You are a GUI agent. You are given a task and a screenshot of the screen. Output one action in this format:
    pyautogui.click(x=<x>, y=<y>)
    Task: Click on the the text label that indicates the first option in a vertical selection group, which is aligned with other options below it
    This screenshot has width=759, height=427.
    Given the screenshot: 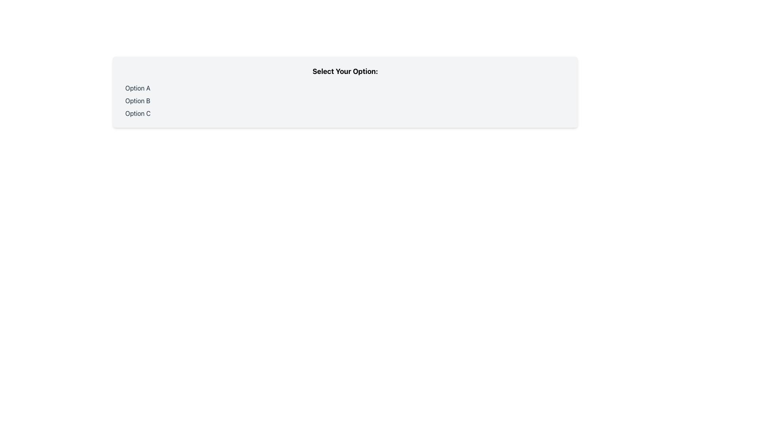 What is the action you would take?
    pyautogui.click(x=138, y=88)
    